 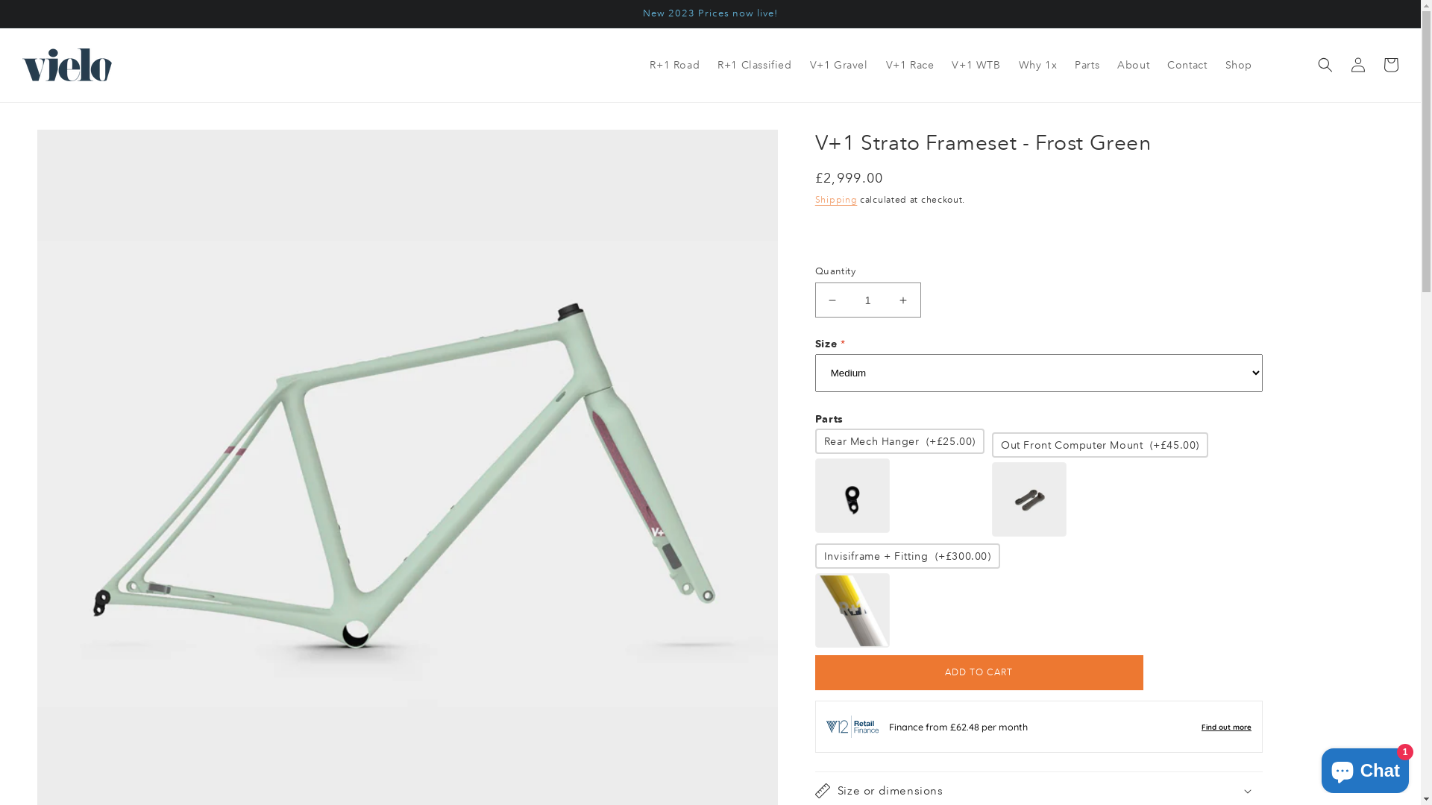 What do you see at coordinates (1037, 64) in the screenshot?
I see `'Why 1x'` at bounding box center [1037, 64].